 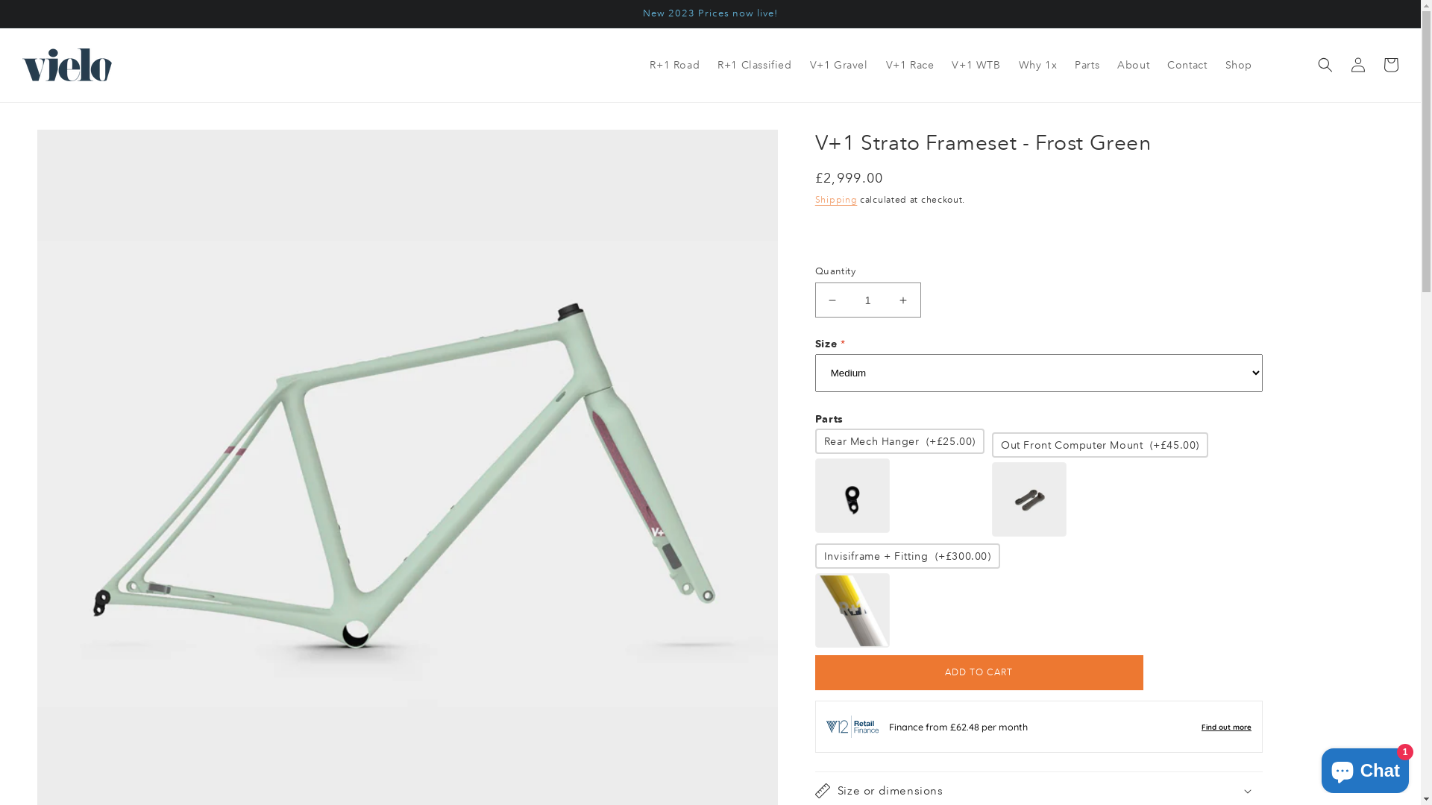 What do you see at coordinates (1037, 64) in the screenshot?
I see `'Why 1x'` at bounding box center [1037, 64].